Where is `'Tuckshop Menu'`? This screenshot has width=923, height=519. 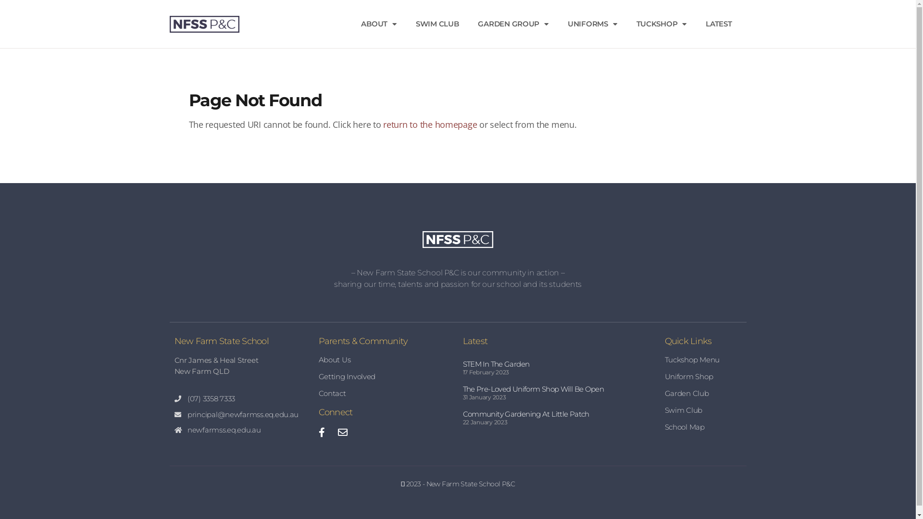 'Tuckshop Menu' is located at coordinates (703, 359).